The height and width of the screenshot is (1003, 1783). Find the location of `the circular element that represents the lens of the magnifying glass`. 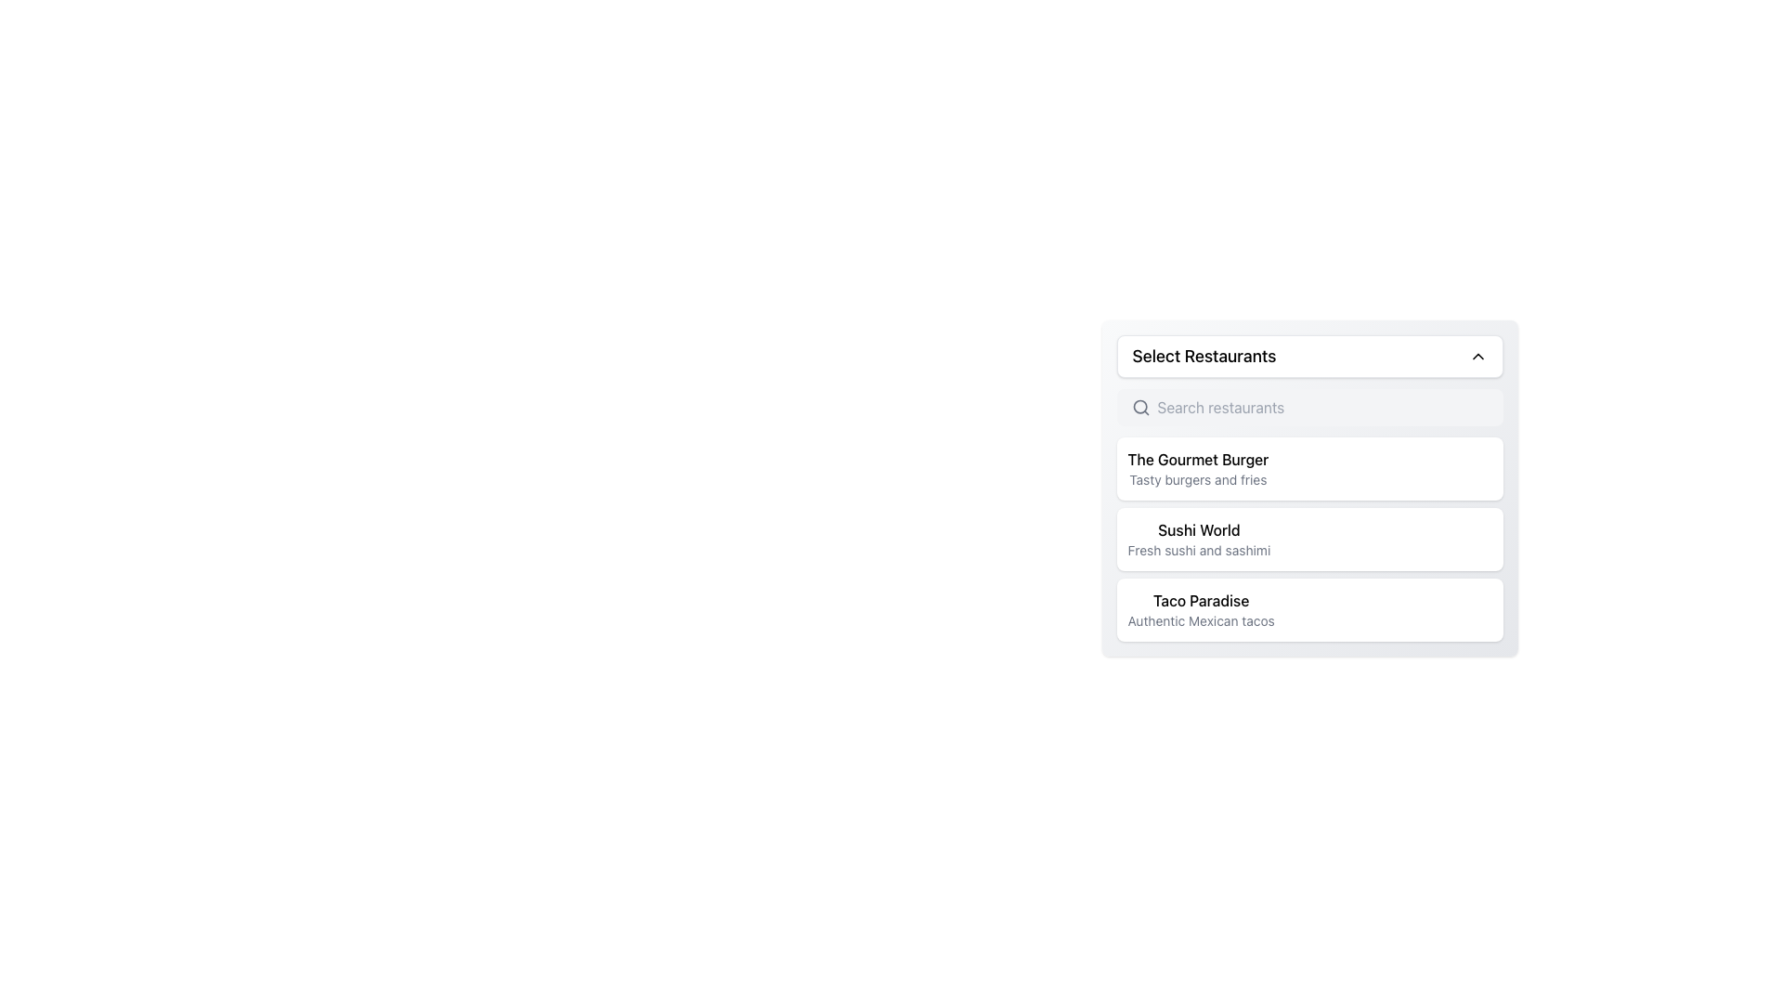

the circular element that represents the lens of the magnifying glass is located at coordinates (1139, 406).